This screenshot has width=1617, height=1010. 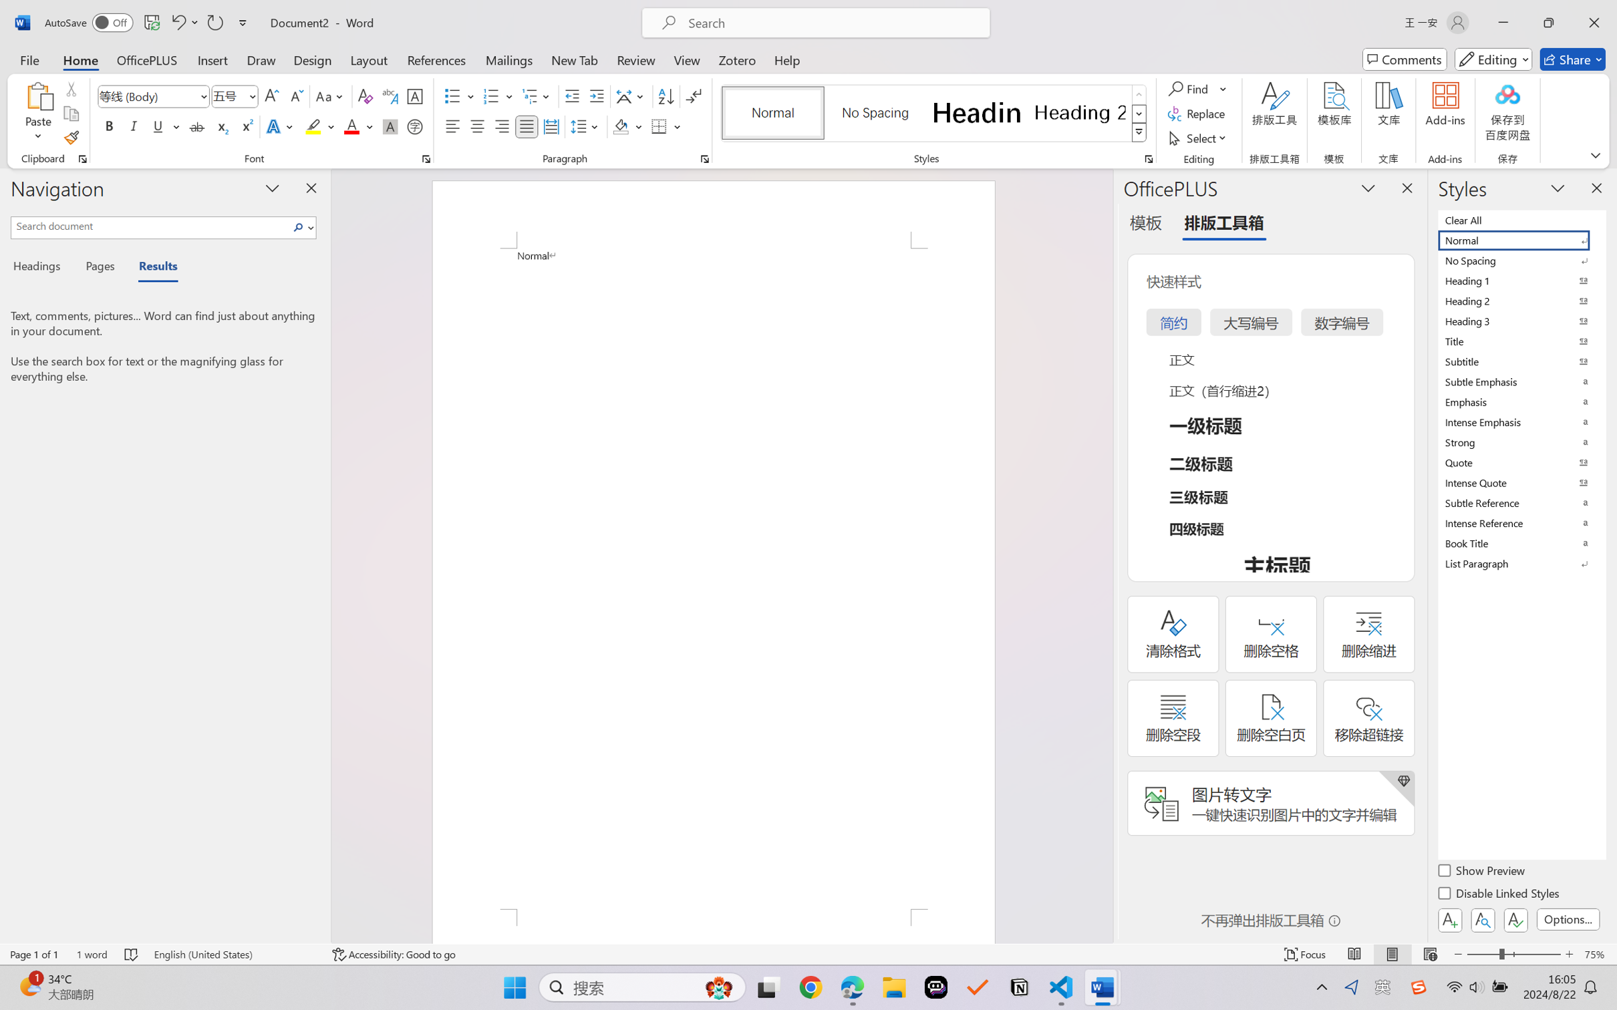 I want to click on 'View', so click(x=687, y=59).